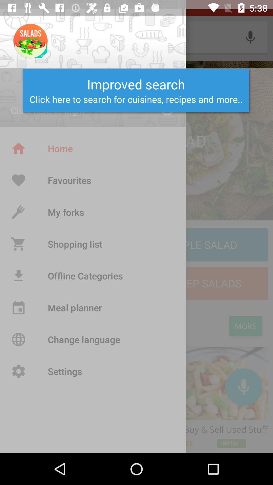 The height and width of the screenshot is (485, 273). Describe the element at coordinates (243, 386) in the screenshot. I see `the microphone icon` at that location.